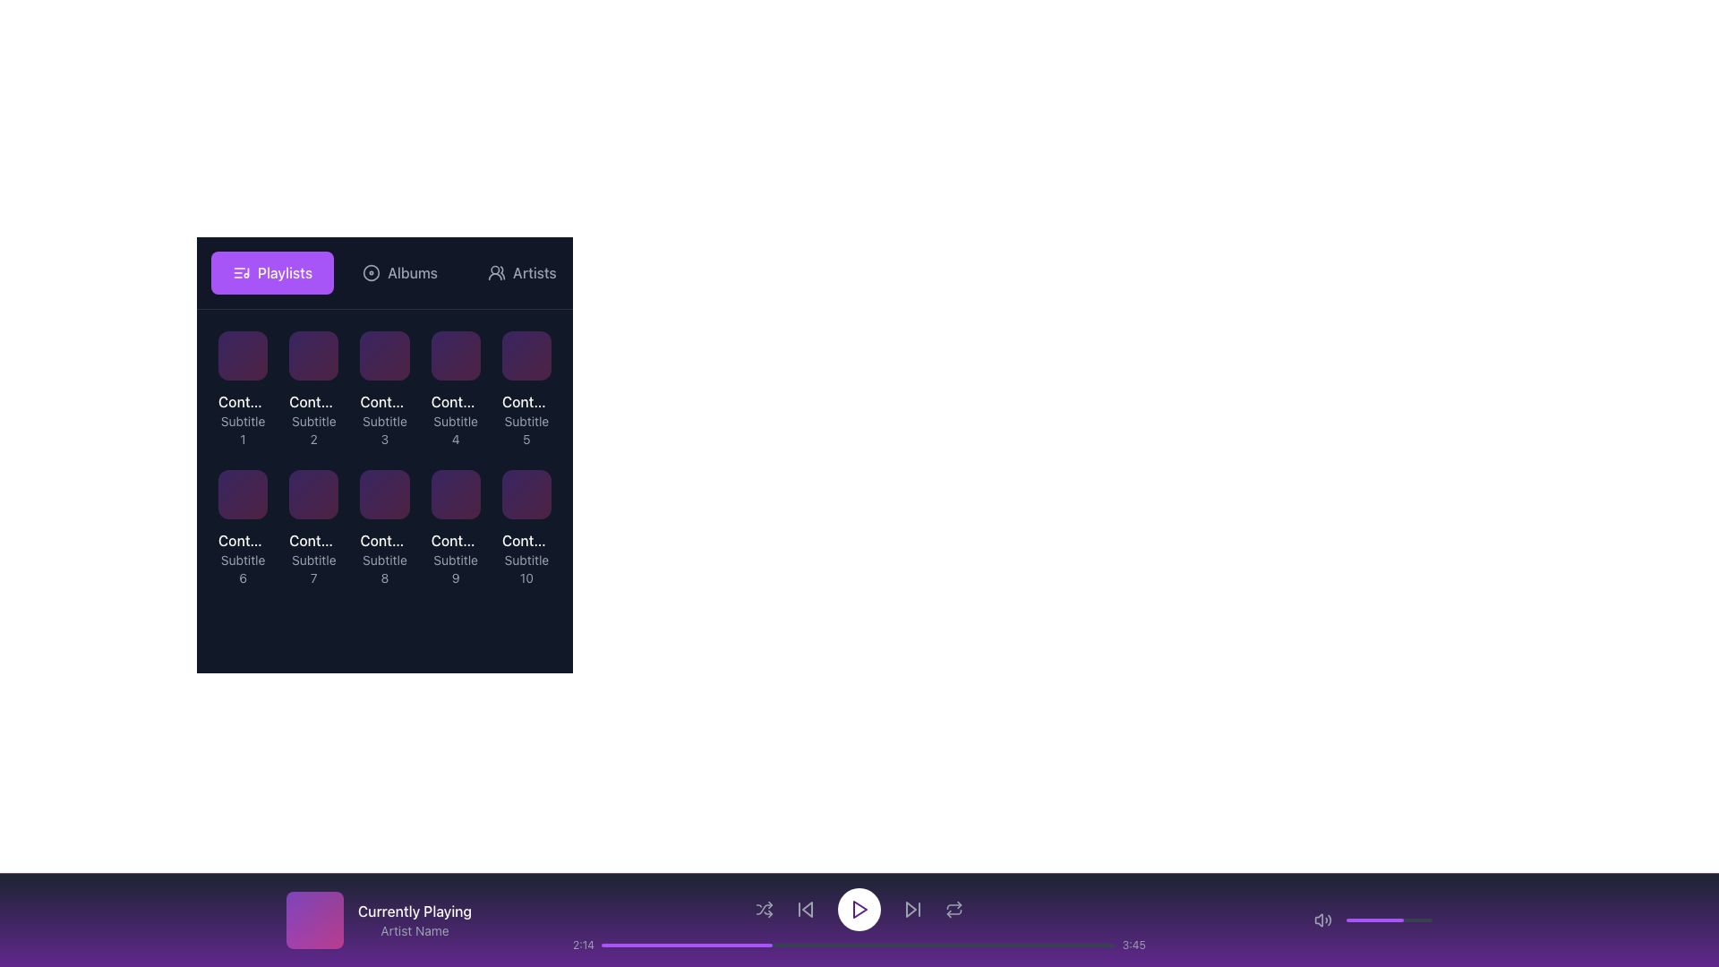 Image resolution: width=1719 pixels, height=967 pixels. Describe the element at coordinates (521, 272) in the screenshot. I see `the 'Artists' button in the horizontal menu` at that location.